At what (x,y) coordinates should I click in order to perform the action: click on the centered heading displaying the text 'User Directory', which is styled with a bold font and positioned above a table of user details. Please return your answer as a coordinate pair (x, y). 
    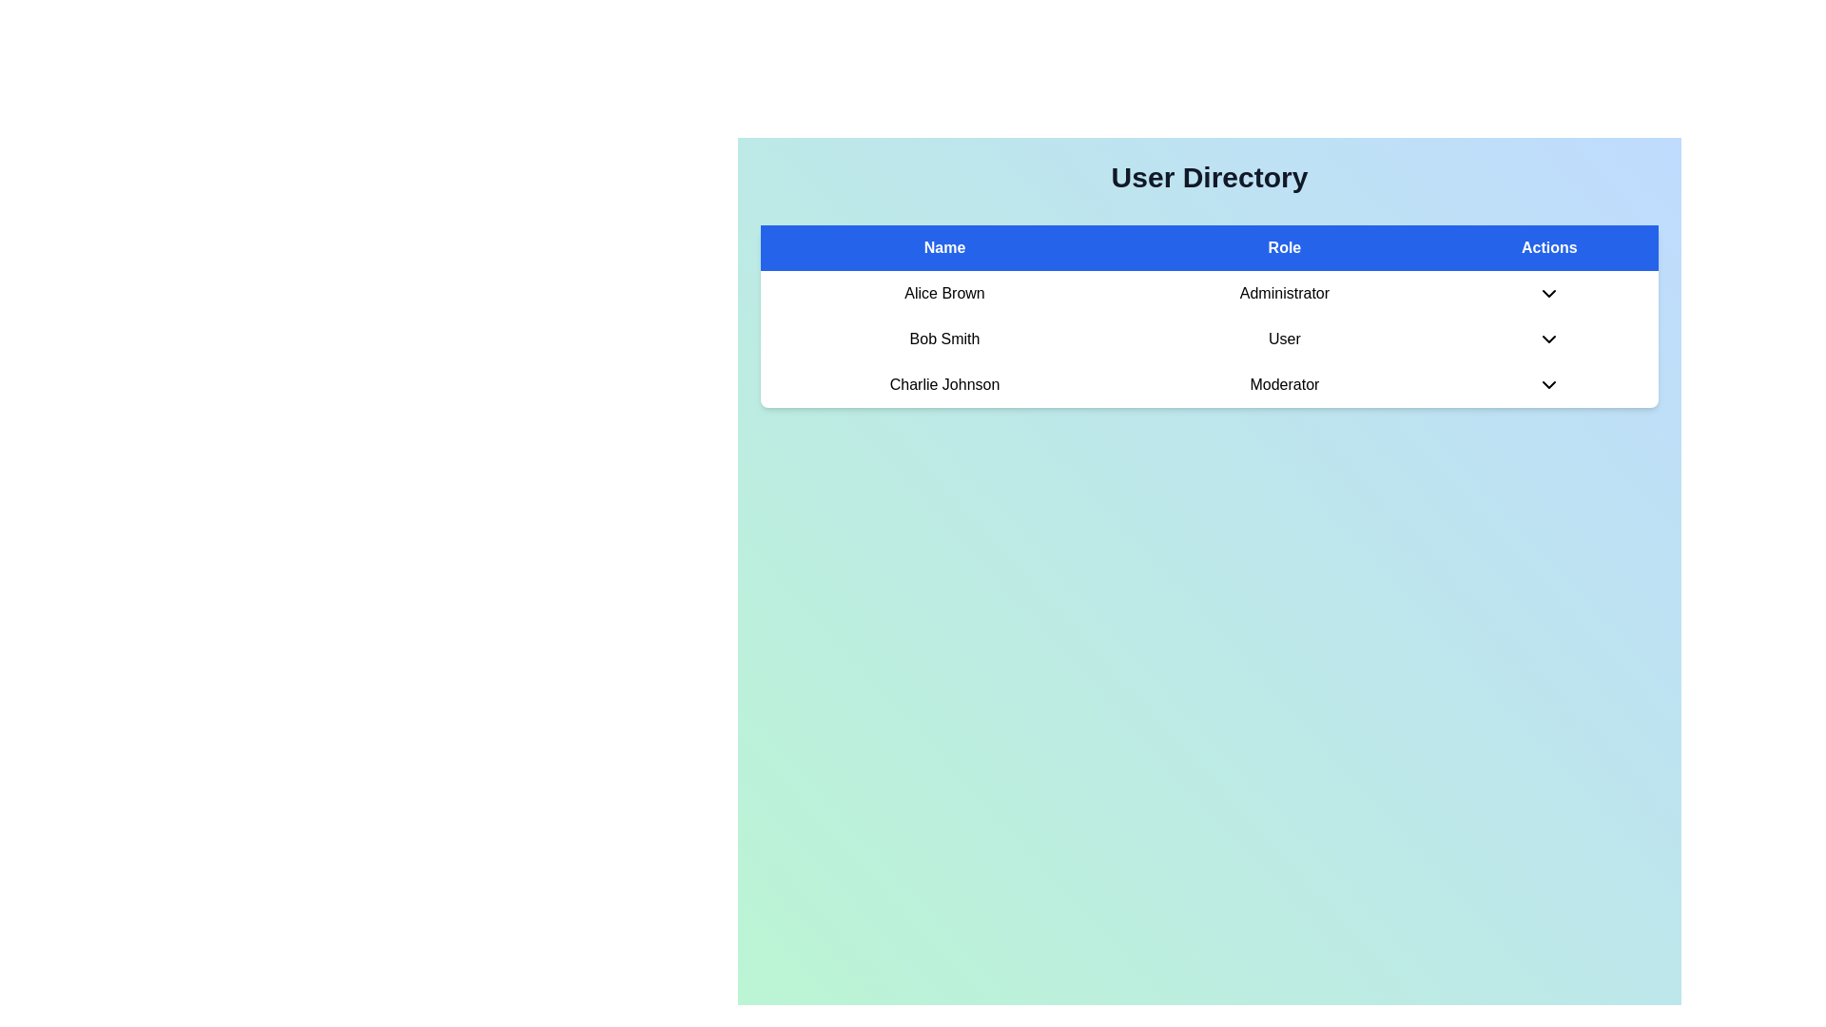
    Looking at the image, I should click on (1209, 177).